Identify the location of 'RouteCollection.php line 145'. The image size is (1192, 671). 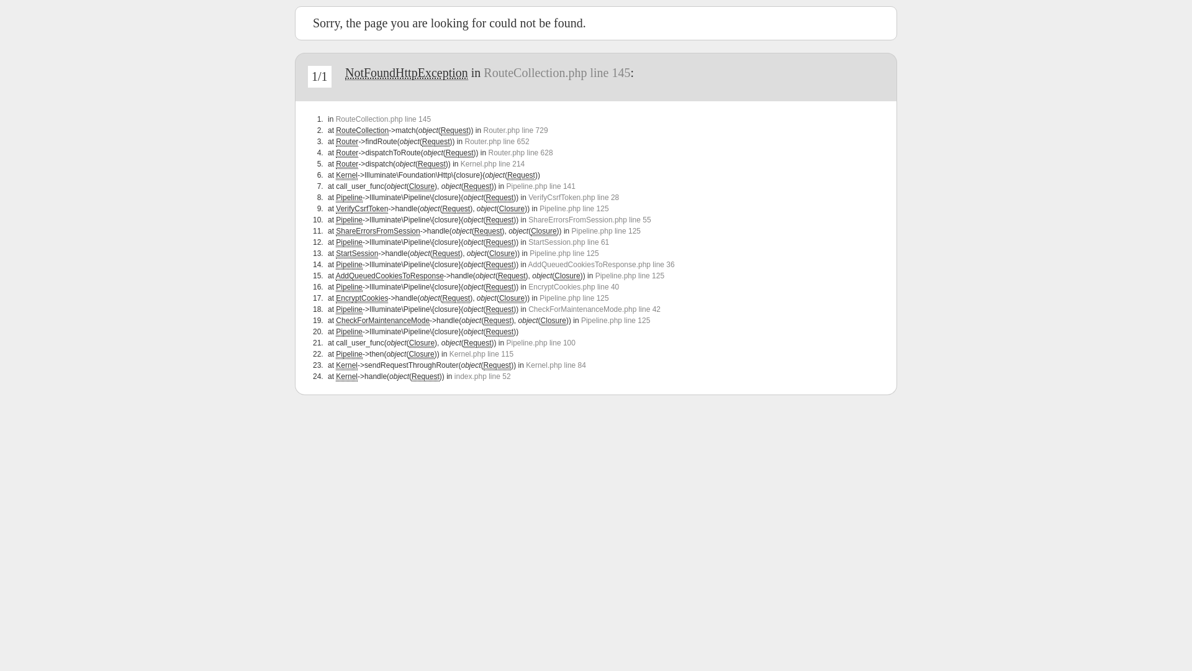
(382, 119).